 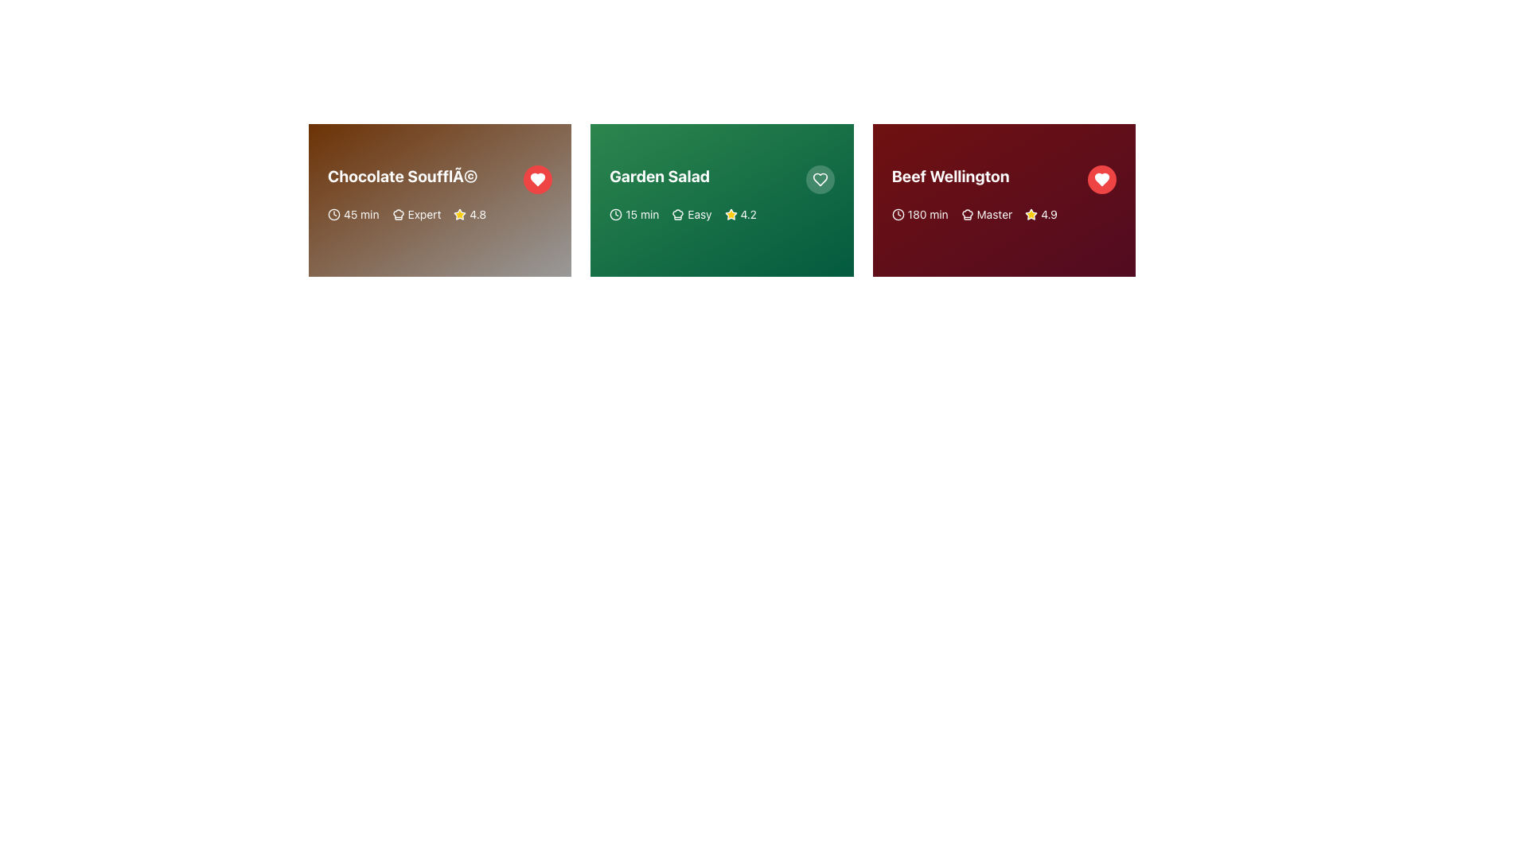 I want to click on the text label reading 'Expert' which is styled with a white font on a red background, located below the title 'Chocolate Soufflé' in the first card from the left, so click(x=424, y=215).